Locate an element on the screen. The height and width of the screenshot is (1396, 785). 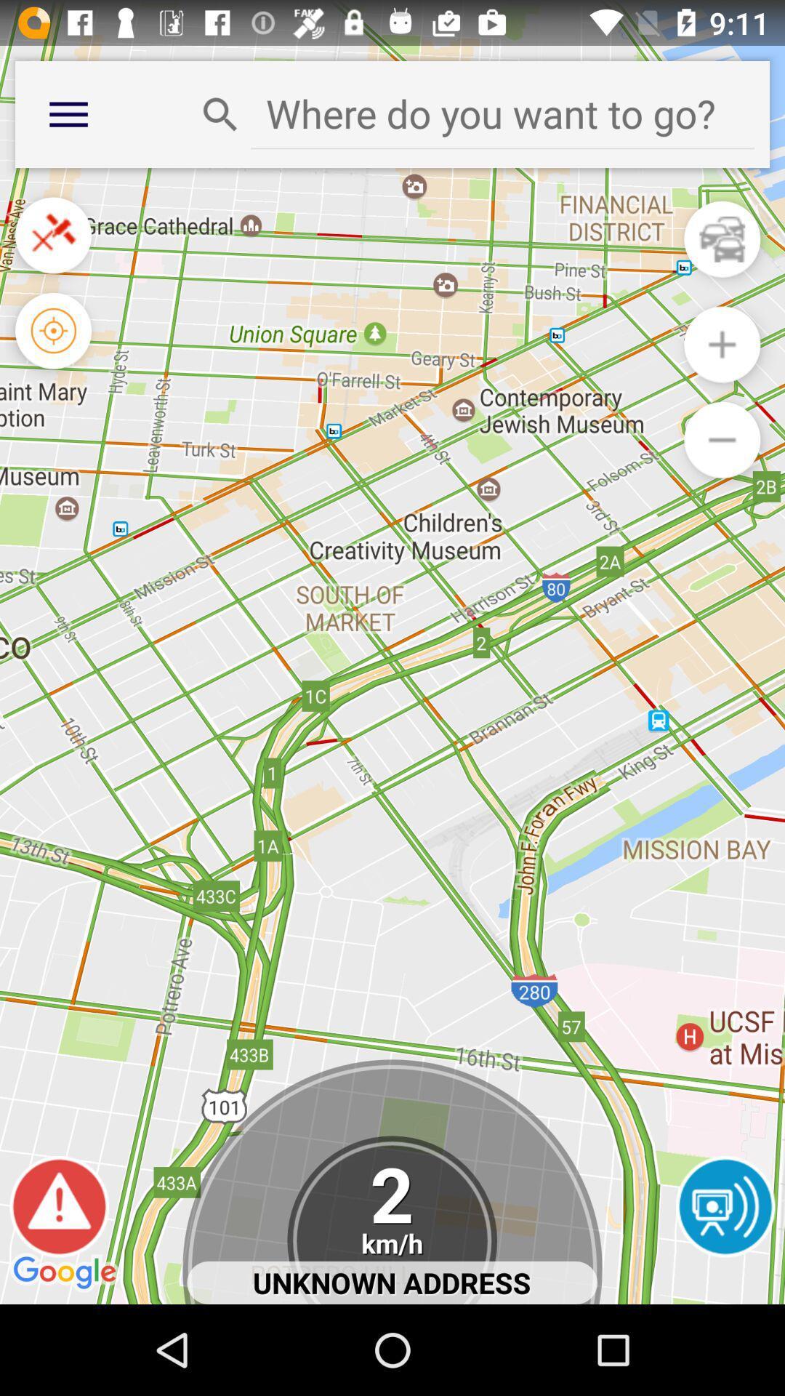
the close icon is located at coordinates (52, 252).